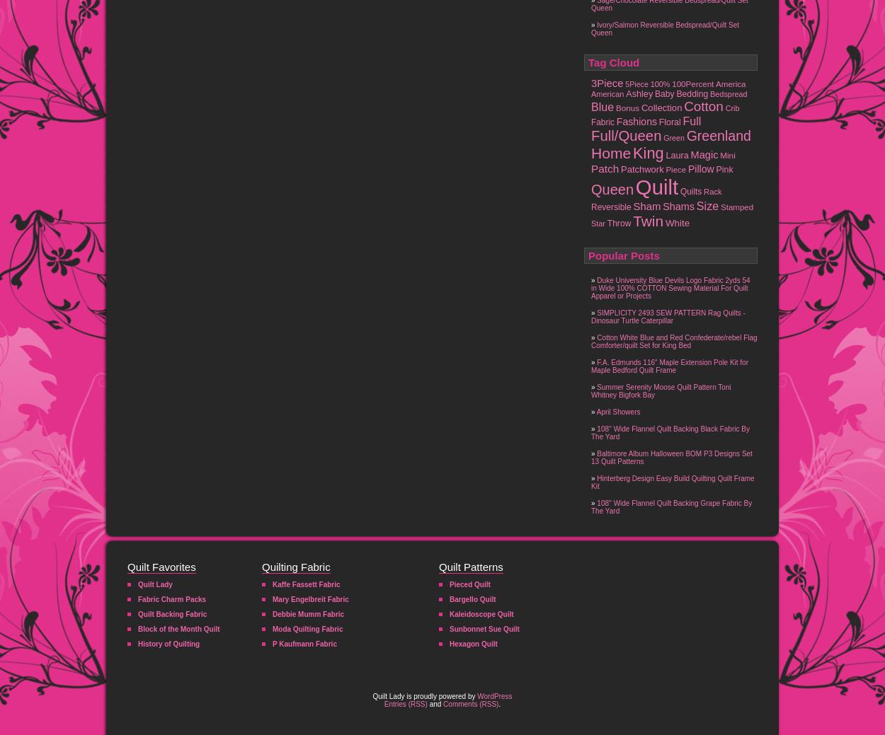 This screenshot has width=885, height=735. Describe the element at coordinates (590, 507) in the screenshot. I see `'108'' Wide Flannel Quilt Backing Grape Fabric By The Yard'` at that location.